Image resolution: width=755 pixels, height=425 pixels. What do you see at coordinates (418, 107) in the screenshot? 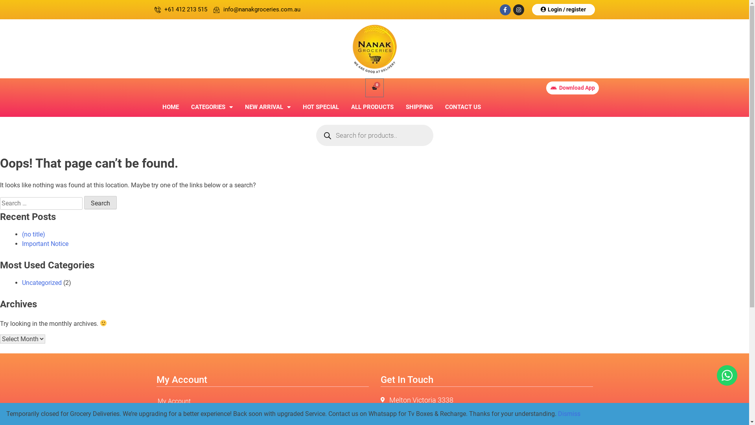
I see `'SHIPPING'` at bounding box center [418, 107].